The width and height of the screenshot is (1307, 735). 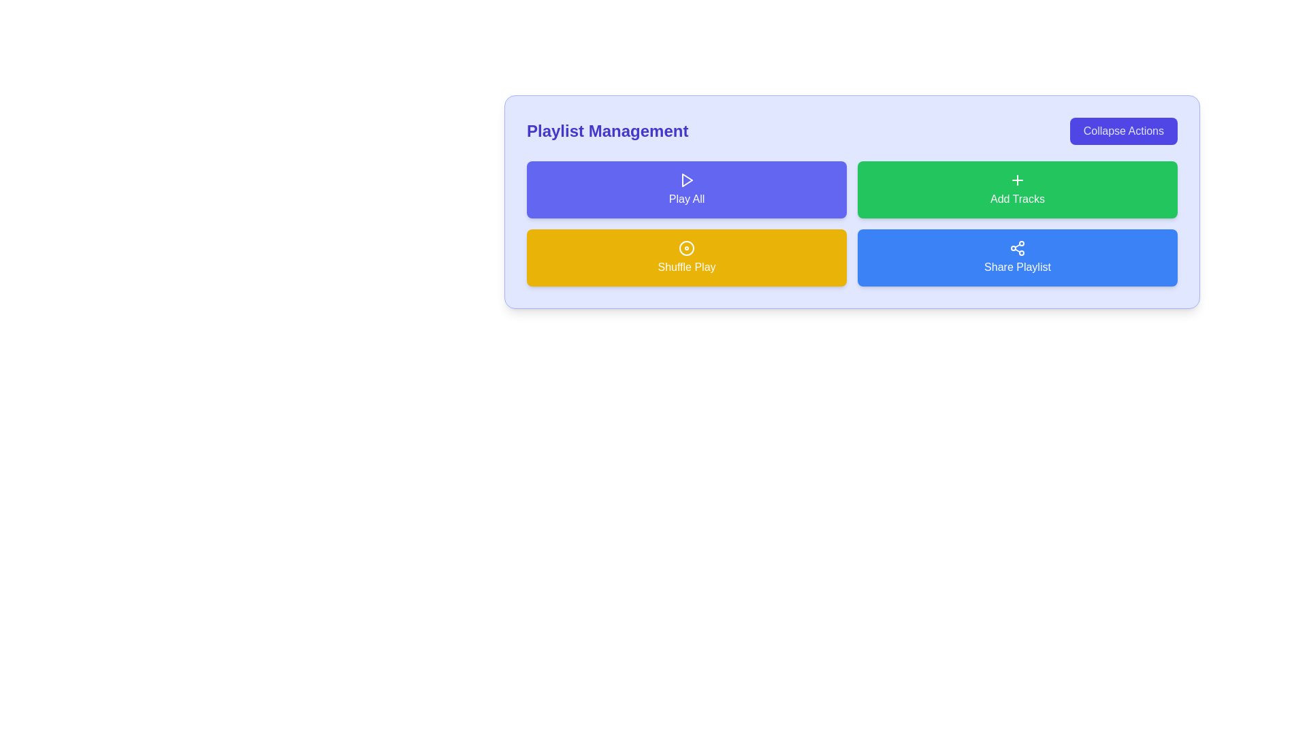 I want to click on the triangular play icon within the 'Play All' button, which is styled in a modern SVG format and set against a blue background, so click(x=686, y=180).